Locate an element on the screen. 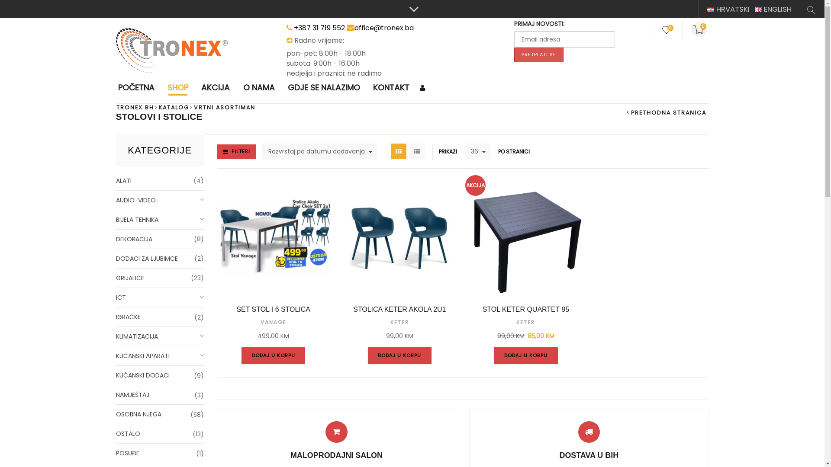 This screenshot has height=467, width=831. 'OSOBNA NJEGA' is located at coordinates (160, 414).